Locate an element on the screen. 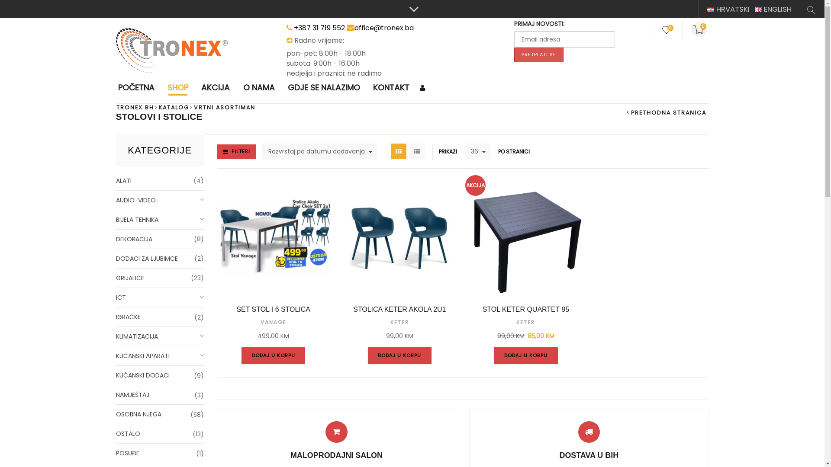 This screenshot has height=467, width=831. 'OSOBNA NJEGA' is located at coordinates (160, 414).